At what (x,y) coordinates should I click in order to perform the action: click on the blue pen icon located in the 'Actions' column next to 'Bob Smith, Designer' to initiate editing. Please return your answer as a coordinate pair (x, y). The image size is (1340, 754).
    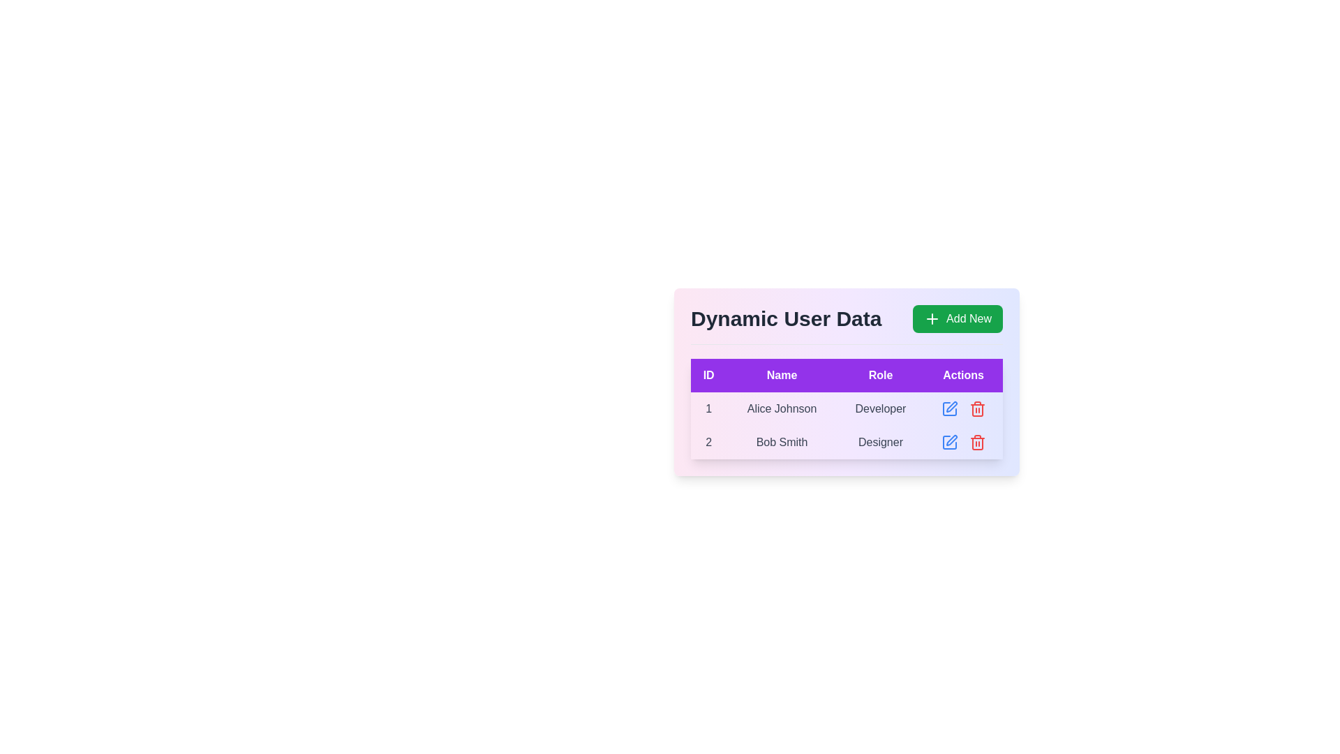
    Looking at the image, I should click on (949, 442).